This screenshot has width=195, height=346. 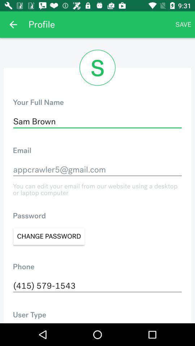 I want to click on (415) 579-1543 icon, so click(x=97, y=286).